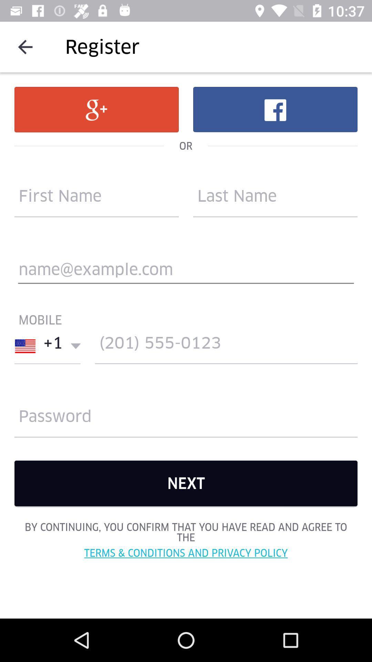 The width and height of the screenshot is (372, 662). What do you see at coordinates (96, 199) in the screenshot?
I see `first name` at bounding box center [96, 199].